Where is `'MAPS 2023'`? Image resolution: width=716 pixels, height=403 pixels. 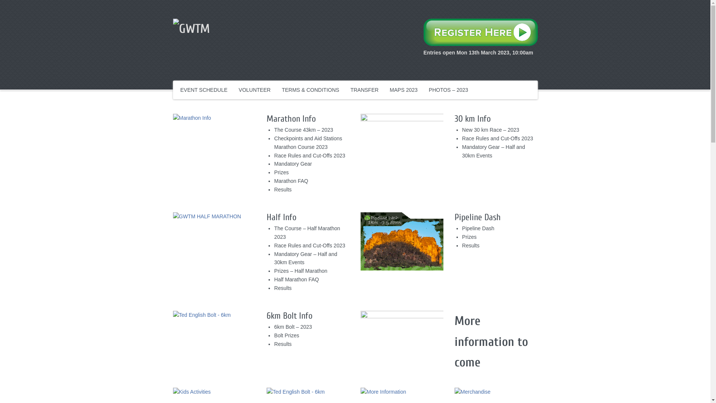 'MAPS 2023' is located at coordinates (403, 89).